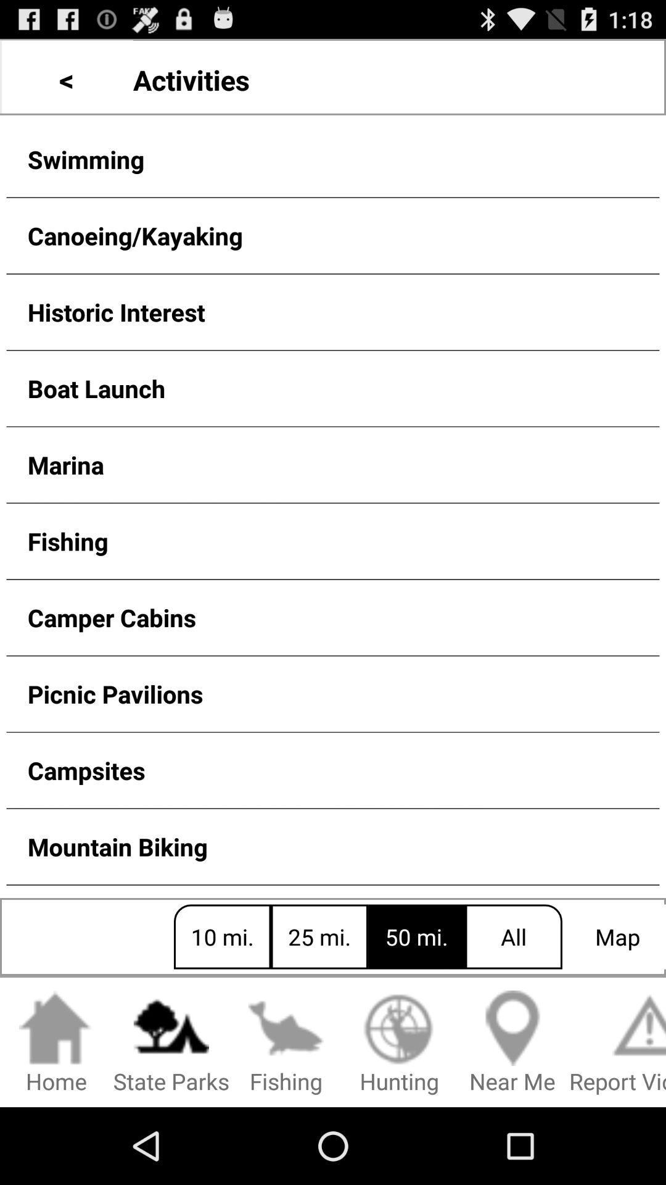 The image size is (666, 1185). I want to click on item next to the fishing item, so click(171, 1042).